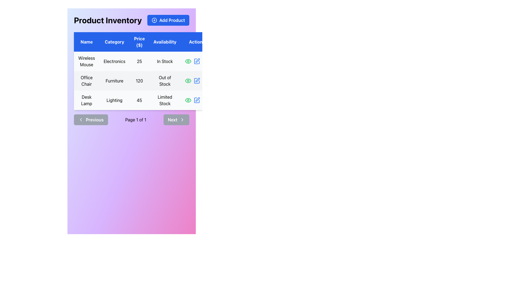 This screenshot has width=520, height=292. What do you see at coordinates (197, 80) in the screenshot?
I see `the curved pen-like icon located in the Action column of the second table row to initiate editing` at bounding box center [197, 80].